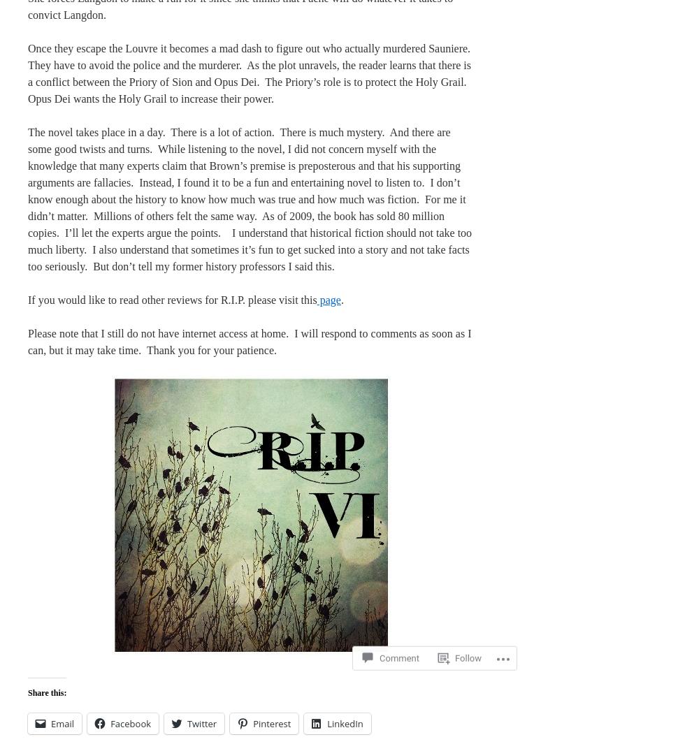 The image size is (685, 744). What do you see at coordinates (399, 634) in the screenshot?
I see `'Comment'` at bounding box center [399, 634].